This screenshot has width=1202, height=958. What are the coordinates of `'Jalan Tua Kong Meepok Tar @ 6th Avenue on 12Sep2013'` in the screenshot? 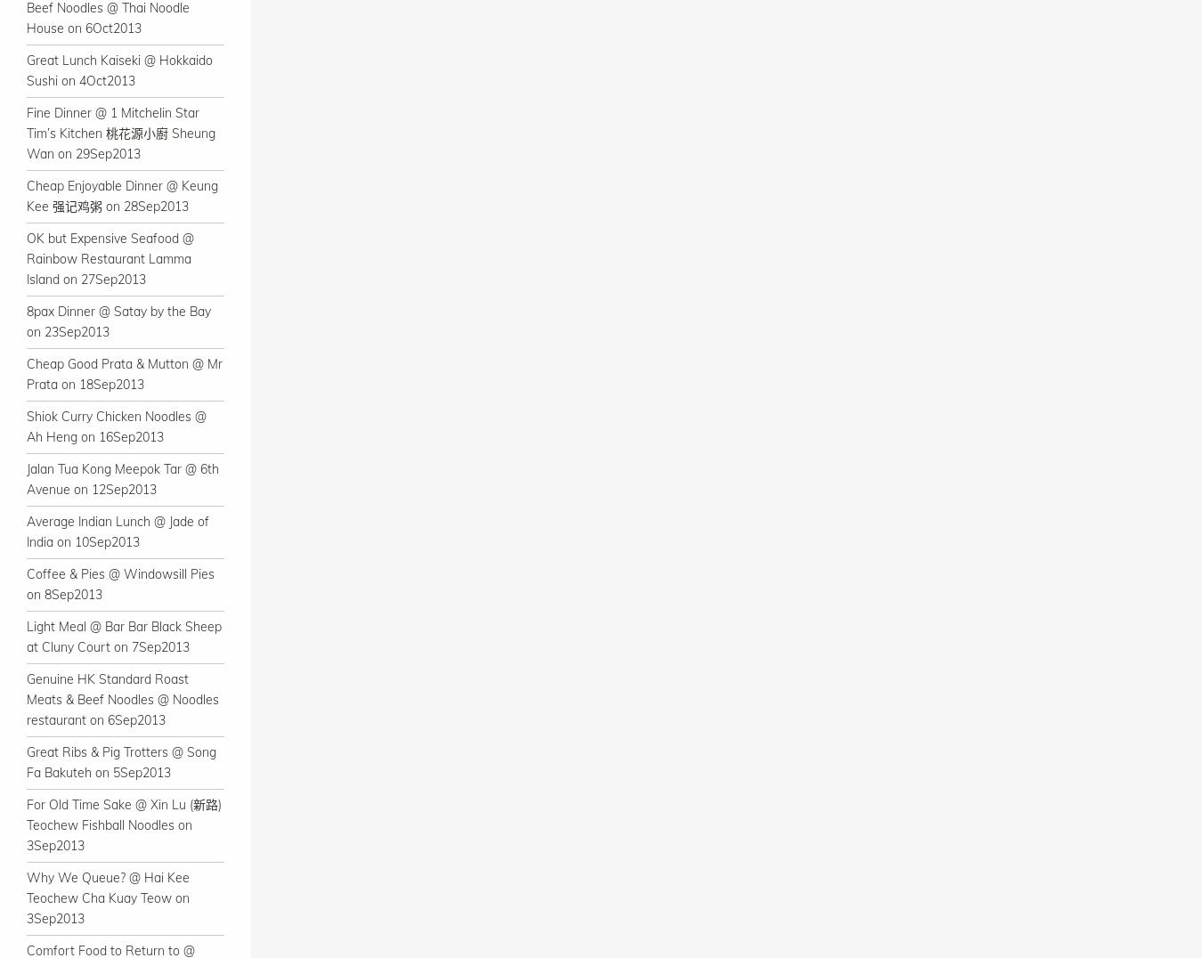 It's located at (25, 479).